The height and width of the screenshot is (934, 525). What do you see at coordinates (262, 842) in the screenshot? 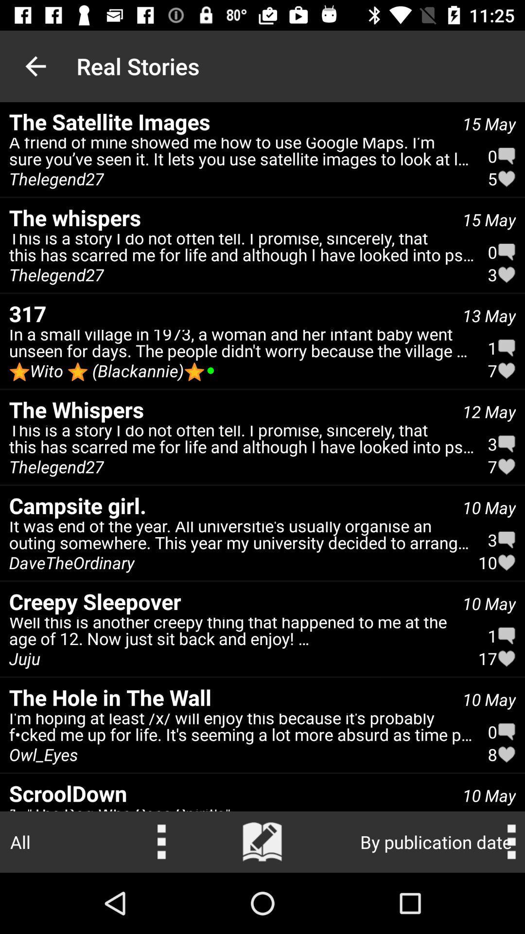
I see `white a post` at bounding box center [262, 842].